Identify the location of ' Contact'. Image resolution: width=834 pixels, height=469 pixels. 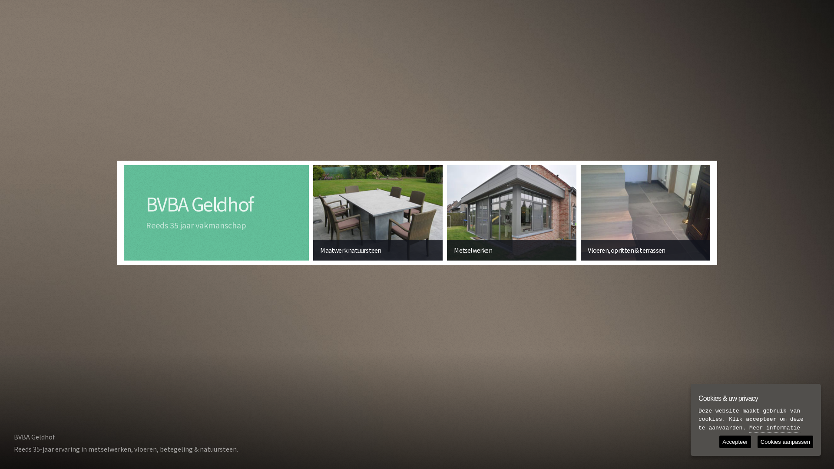
(797, 432).